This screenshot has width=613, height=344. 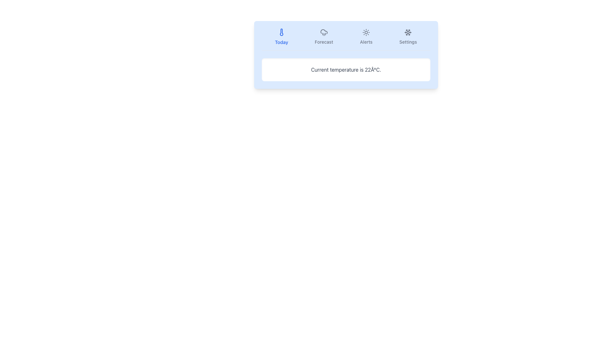 What do you see at coordinates (281, 32) in the screenshot?
I see `the vertical thermometer-like icon located at the leftmost position of the navigation menu` at bounding box center [281, 32].